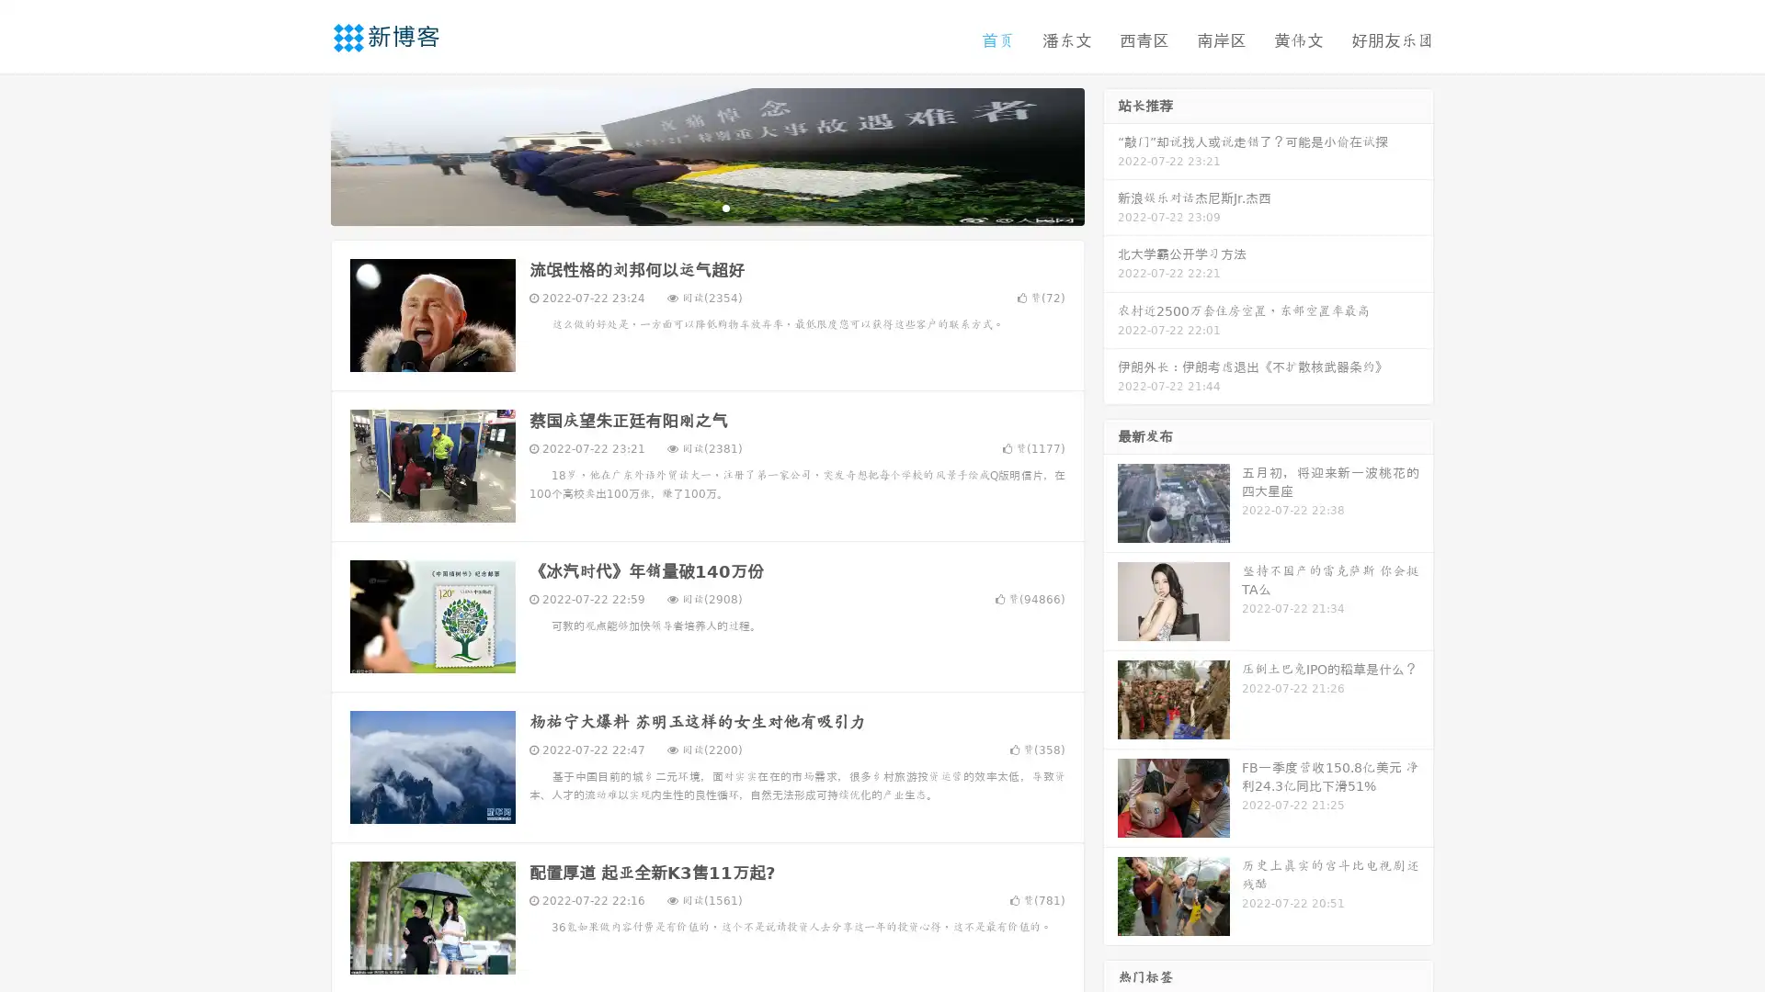  What do you see at coordinates (1110, 154) in the screenshot?
I see `Next slide` at bounding box center [1110, 154].